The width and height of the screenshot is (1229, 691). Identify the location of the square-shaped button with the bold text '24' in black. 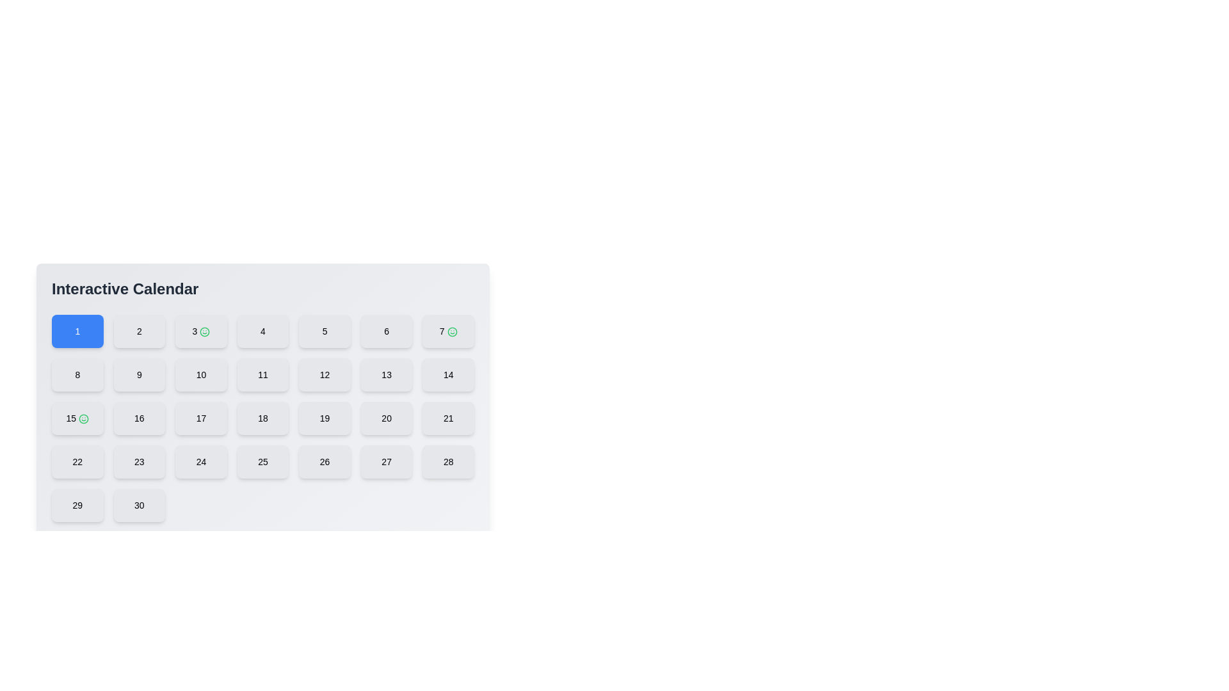
(200, 461).